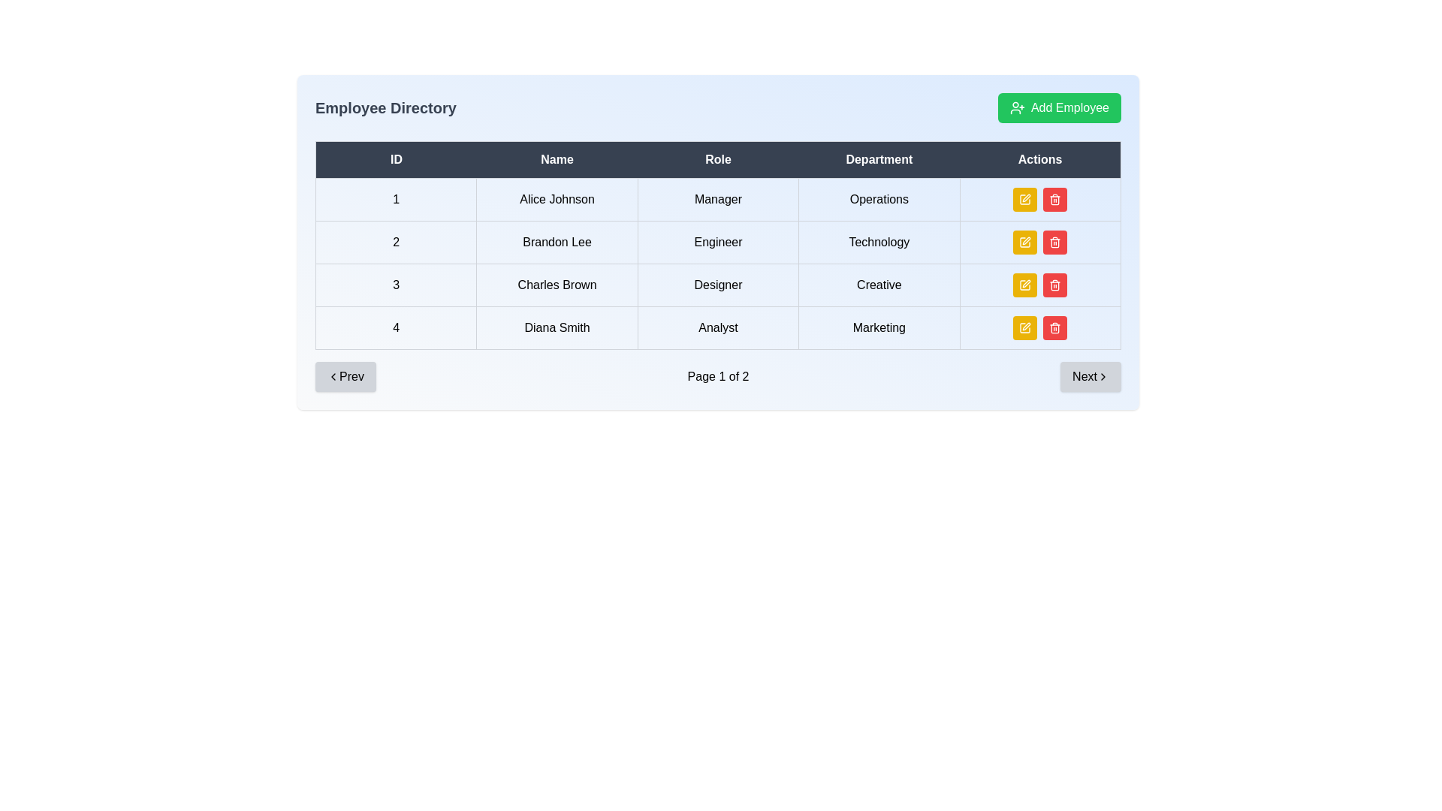  Describe the element at coordinates (1054, 286) in the screenshot. I see `the trash can icon in the 'Actions' column of the fourth row in the 'Employee Directory' table to initiate the delete action for the associated employee record` at that location.